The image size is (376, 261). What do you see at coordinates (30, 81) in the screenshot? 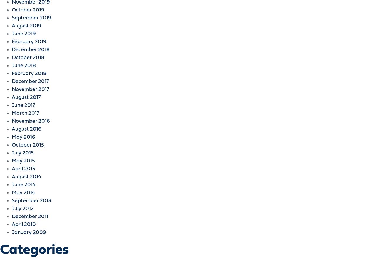
I see `'December 2017'` at bounding box center [30, 81].